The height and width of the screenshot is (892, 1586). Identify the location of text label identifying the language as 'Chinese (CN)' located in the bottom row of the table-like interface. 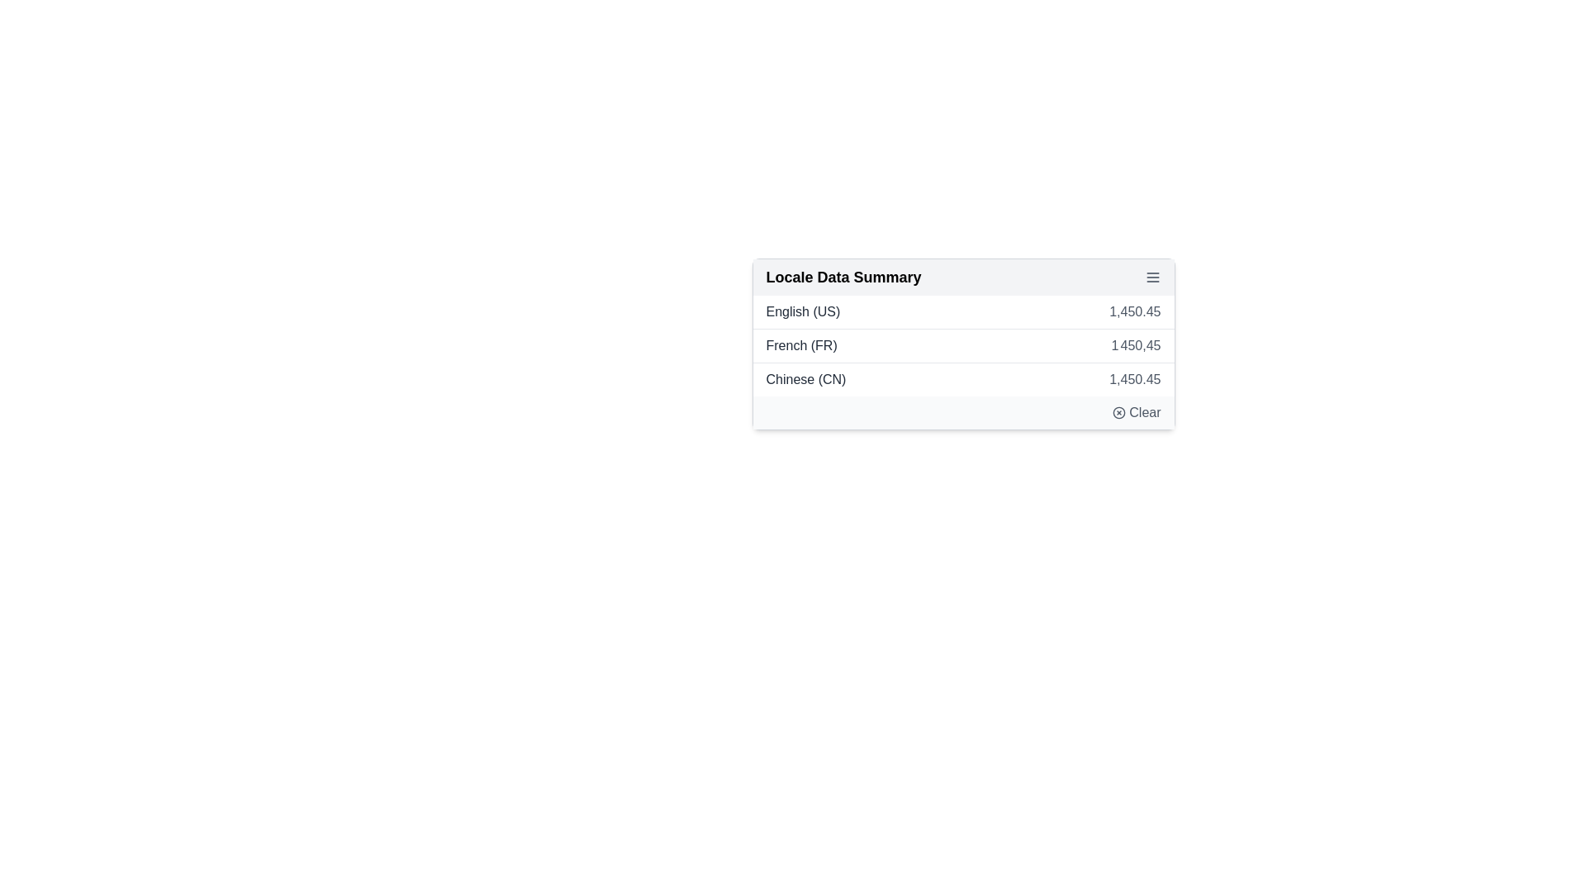
(805, 379).